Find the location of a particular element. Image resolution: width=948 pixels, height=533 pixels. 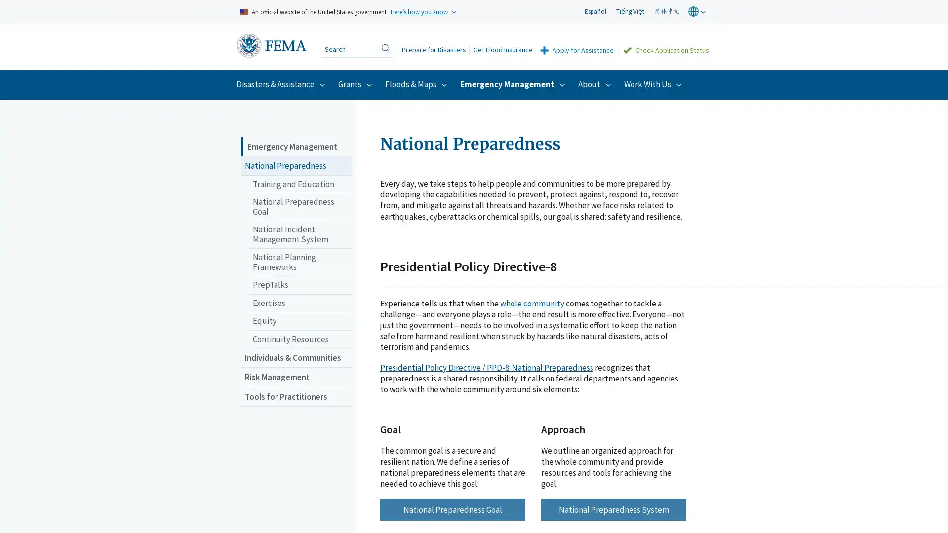

Disasters & Assistance is located at coordinates (281, 83).